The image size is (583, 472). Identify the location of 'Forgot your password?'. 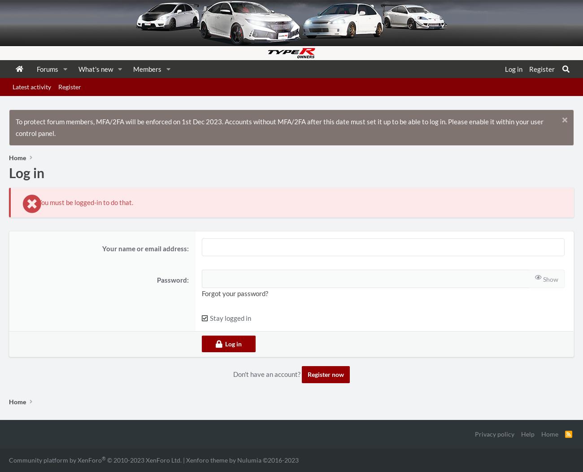
(235, 293).